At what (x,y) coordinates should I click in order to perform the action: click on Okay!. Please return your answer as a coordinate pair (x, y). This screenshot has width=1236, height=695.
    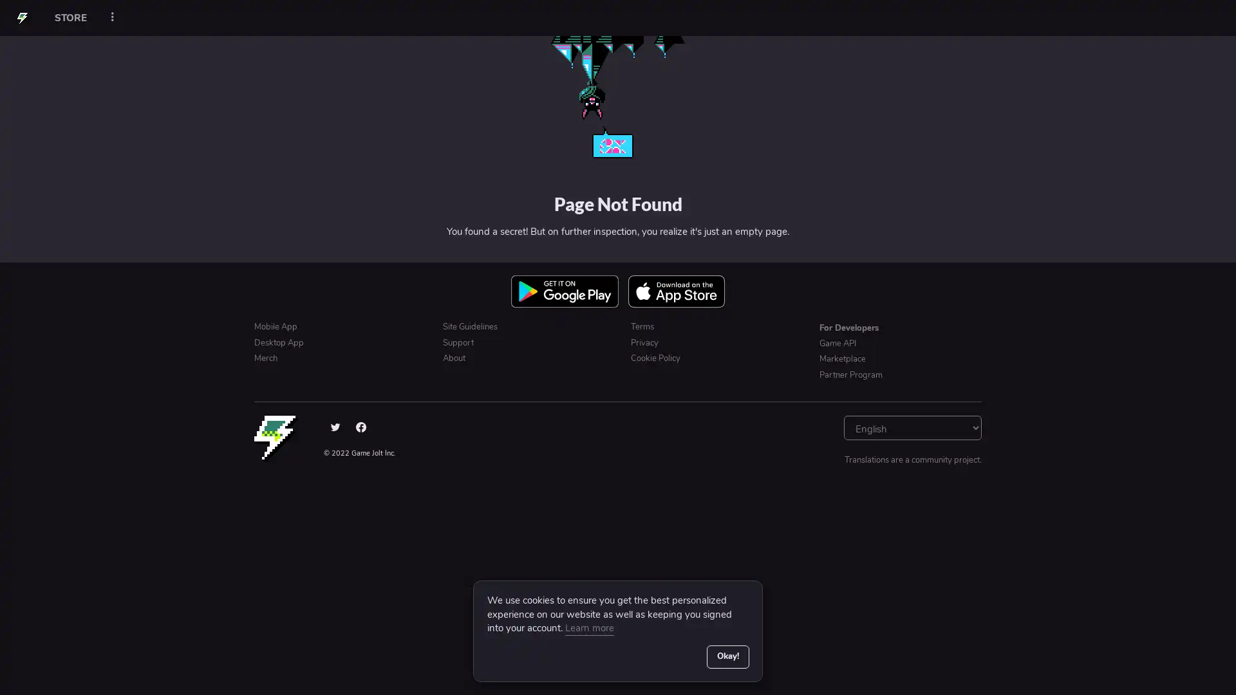
    Looking at the image, I should click on (727, 656).